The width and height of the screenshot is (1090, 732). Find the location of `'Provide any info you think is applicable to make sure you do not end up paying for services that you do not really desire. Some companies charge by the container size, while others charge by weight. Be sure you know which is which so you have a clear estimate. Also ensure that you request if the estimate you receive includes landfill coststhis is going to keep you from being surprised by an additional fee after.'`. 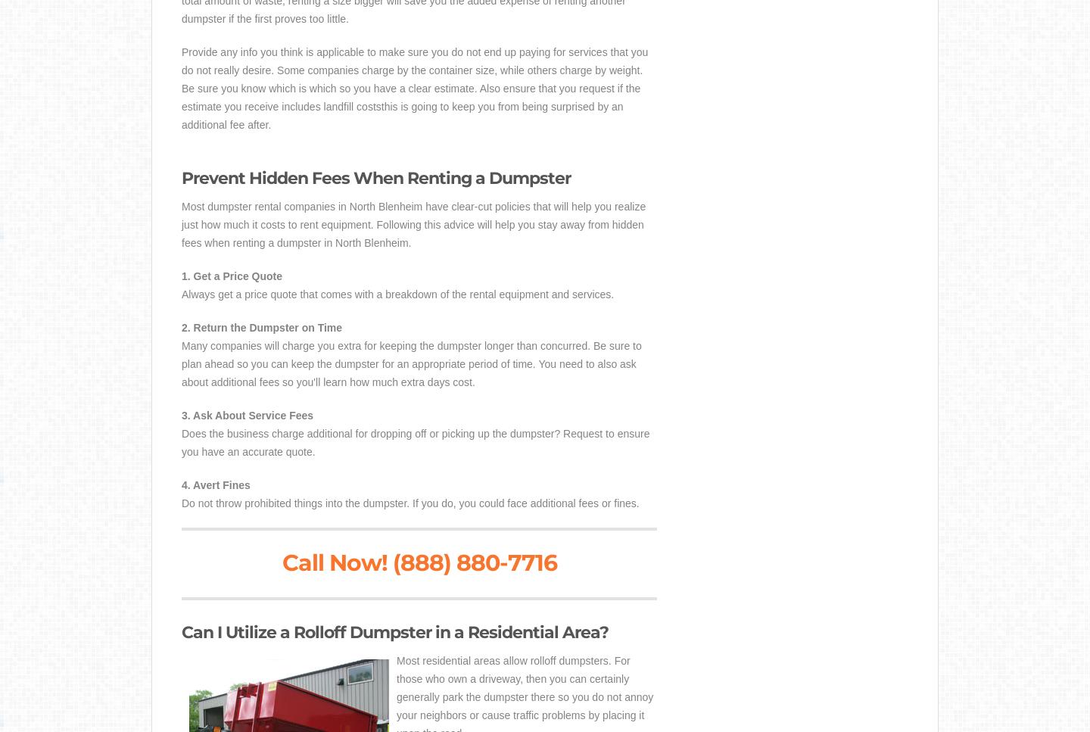

'Provide any info you think is applicable to make sure you do not end up paying for services that you do not really desire. Some companies charge by the container size, while others charge by weight. Be sure you know which is which so you have a clear estimate. Also ensure that you request if the estimate you receive includes landfill coststhis is going to keep you from being surprised by an additional fee after.' is located at coordinates (415, 88).